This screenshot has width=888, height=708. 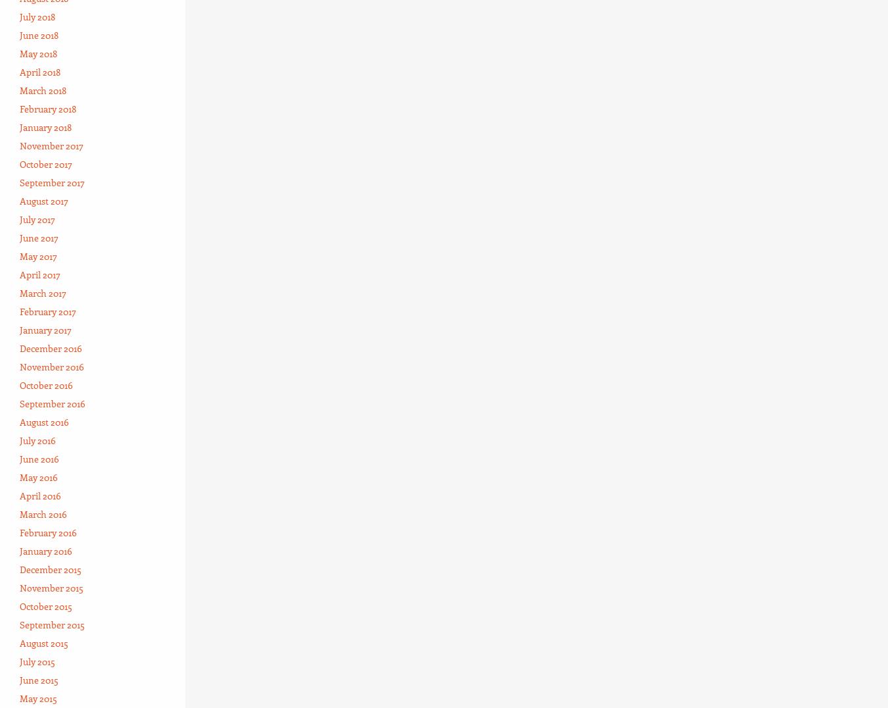 What do you see at coordinates (49, 569) in the screenshot?
I see `'December 2015'` at bounding box center [49, 569].